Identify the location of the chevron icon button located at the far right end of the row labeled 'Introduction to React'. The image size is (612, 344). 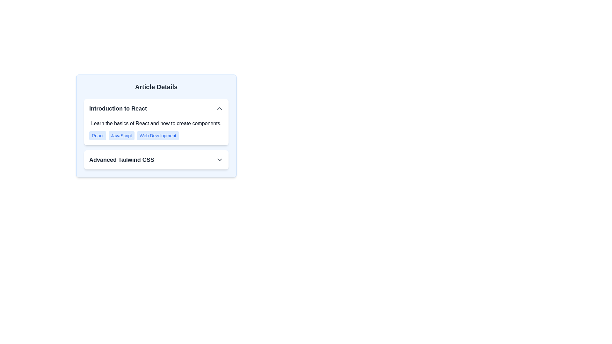
(220, 108).